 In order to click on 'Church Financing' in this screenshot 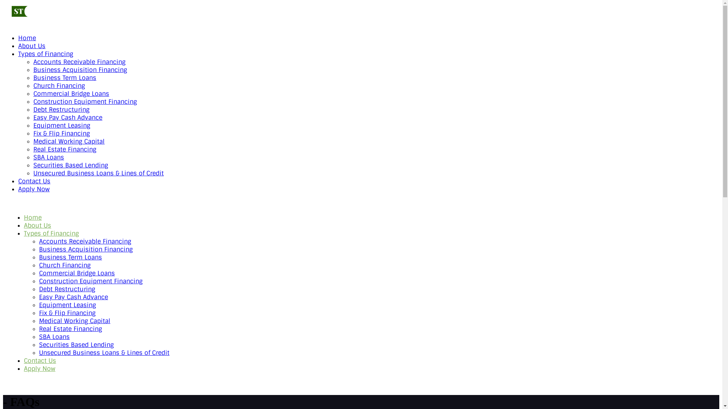, I will do `click(65, 265)`.